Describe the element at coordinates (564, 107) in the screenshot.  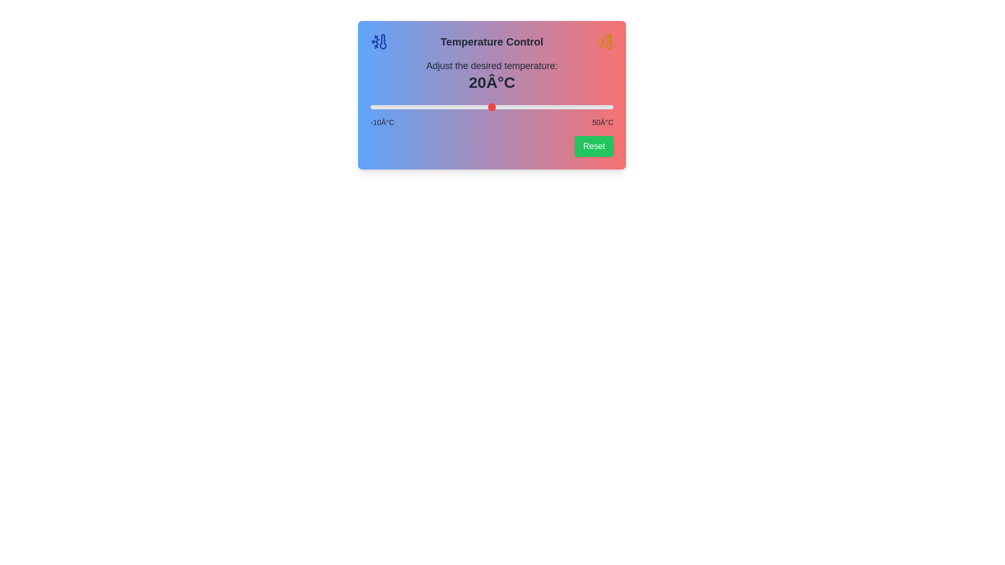
I see `the slider to set the temperature to 38°C` at that location.